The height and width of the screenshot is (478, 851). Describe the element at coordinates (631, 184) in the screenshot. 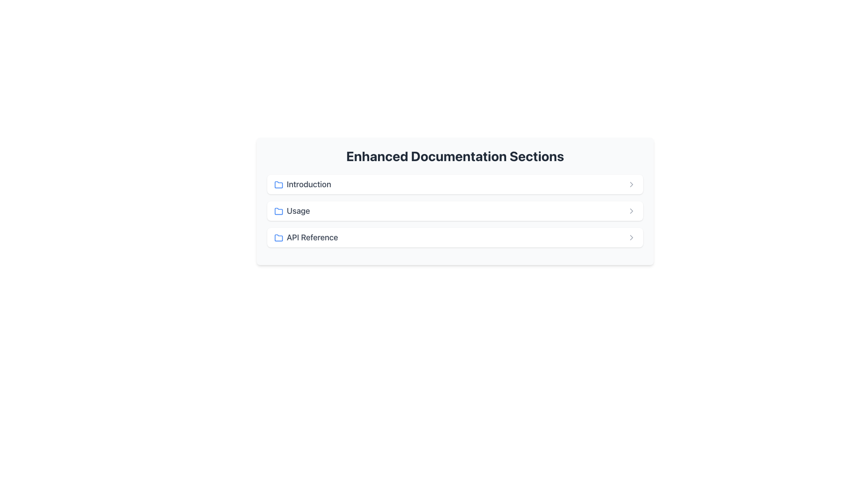

I see `the rightward-pointing chevron icon styled with gray color in the 'Introduction' section` at that location.